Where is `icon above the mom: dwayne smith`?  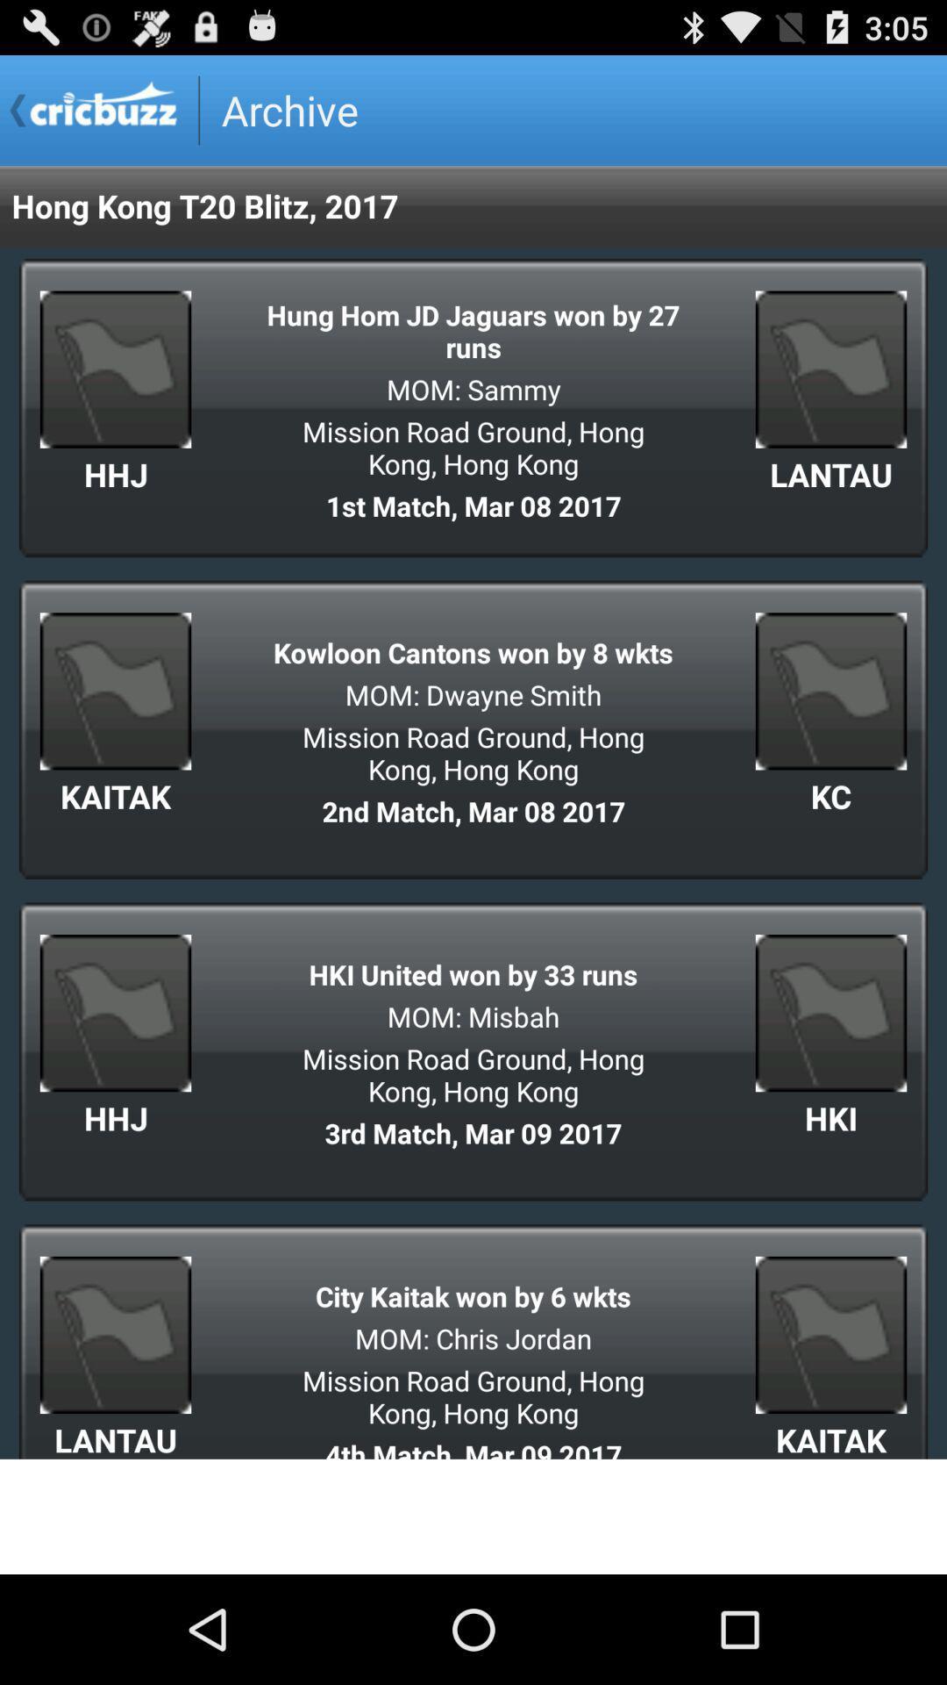
icon above the mom: dwayne smith is located at coordinates (473, 651).